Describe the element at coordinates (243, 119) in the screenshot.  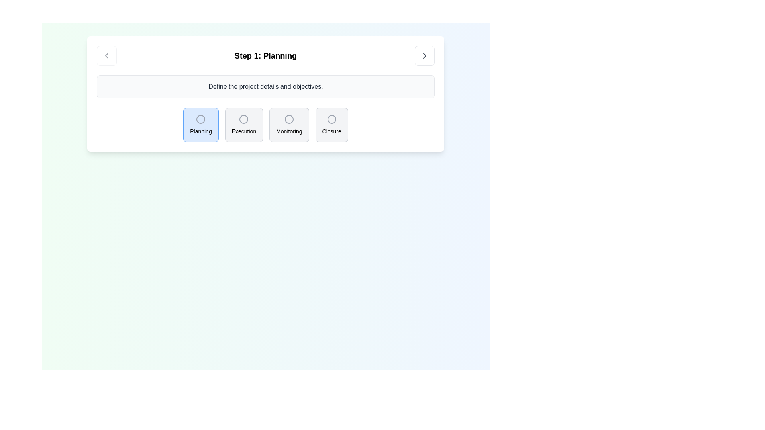
I see `the SVG Circle element located at the center of the 'Execution' button, which signifies selection or status in the series of step buttons` at that location.